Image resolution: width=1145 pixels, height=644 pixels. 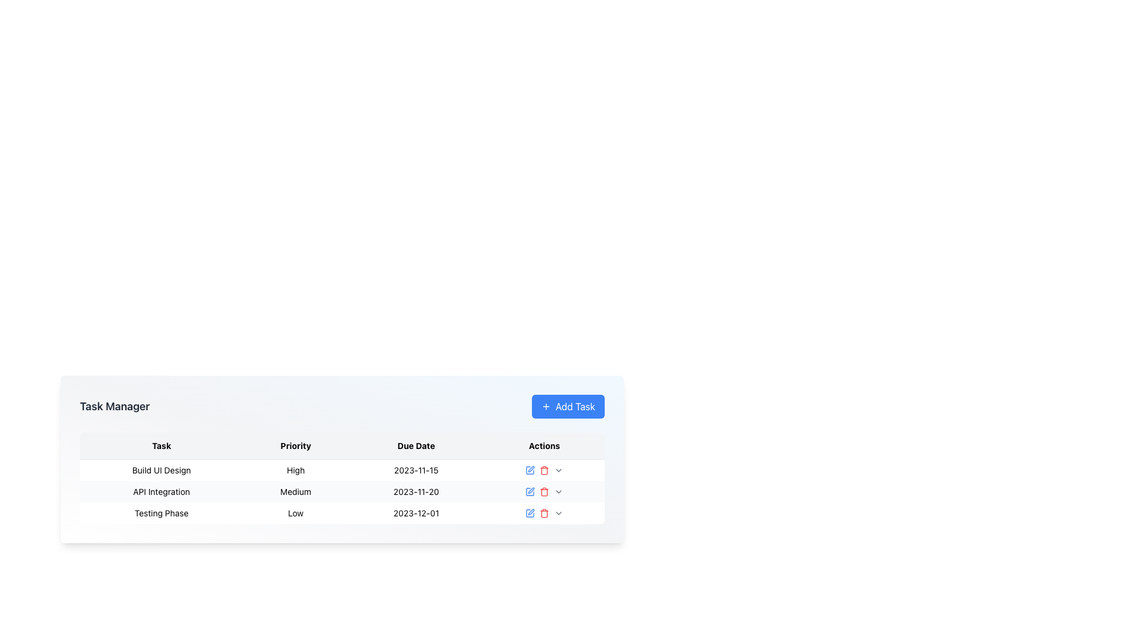 I want to click on the downward-facing chevron icon located in the 'Actions' column of the table below the 'Task Manager' heading, so click(x=558, y=470).